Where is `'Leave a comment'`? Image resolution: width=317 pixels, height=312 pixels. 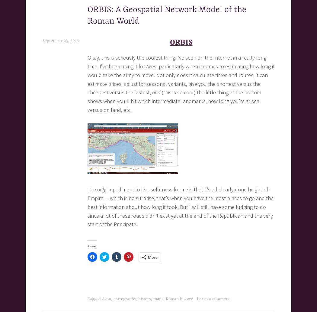
'Leave a comment' is located at coordinates (213, 298).